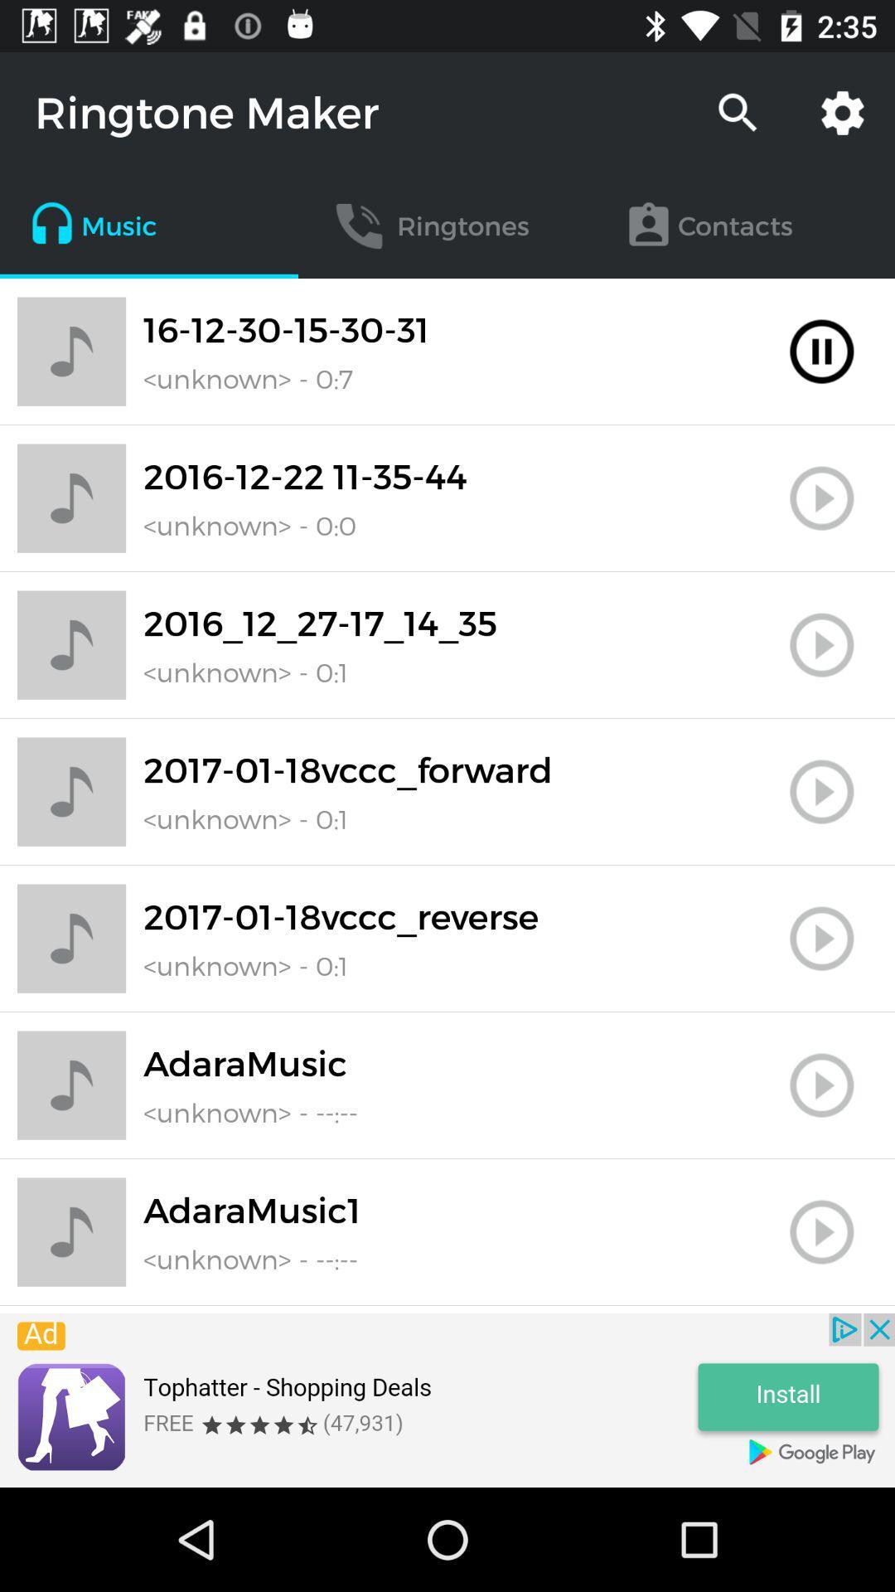 The height and width of the screenshot is (1592, 895). What do you see at coordinates (821, 498) in the screenshot?
I see `a playlist` at bounding box center [821, 498].